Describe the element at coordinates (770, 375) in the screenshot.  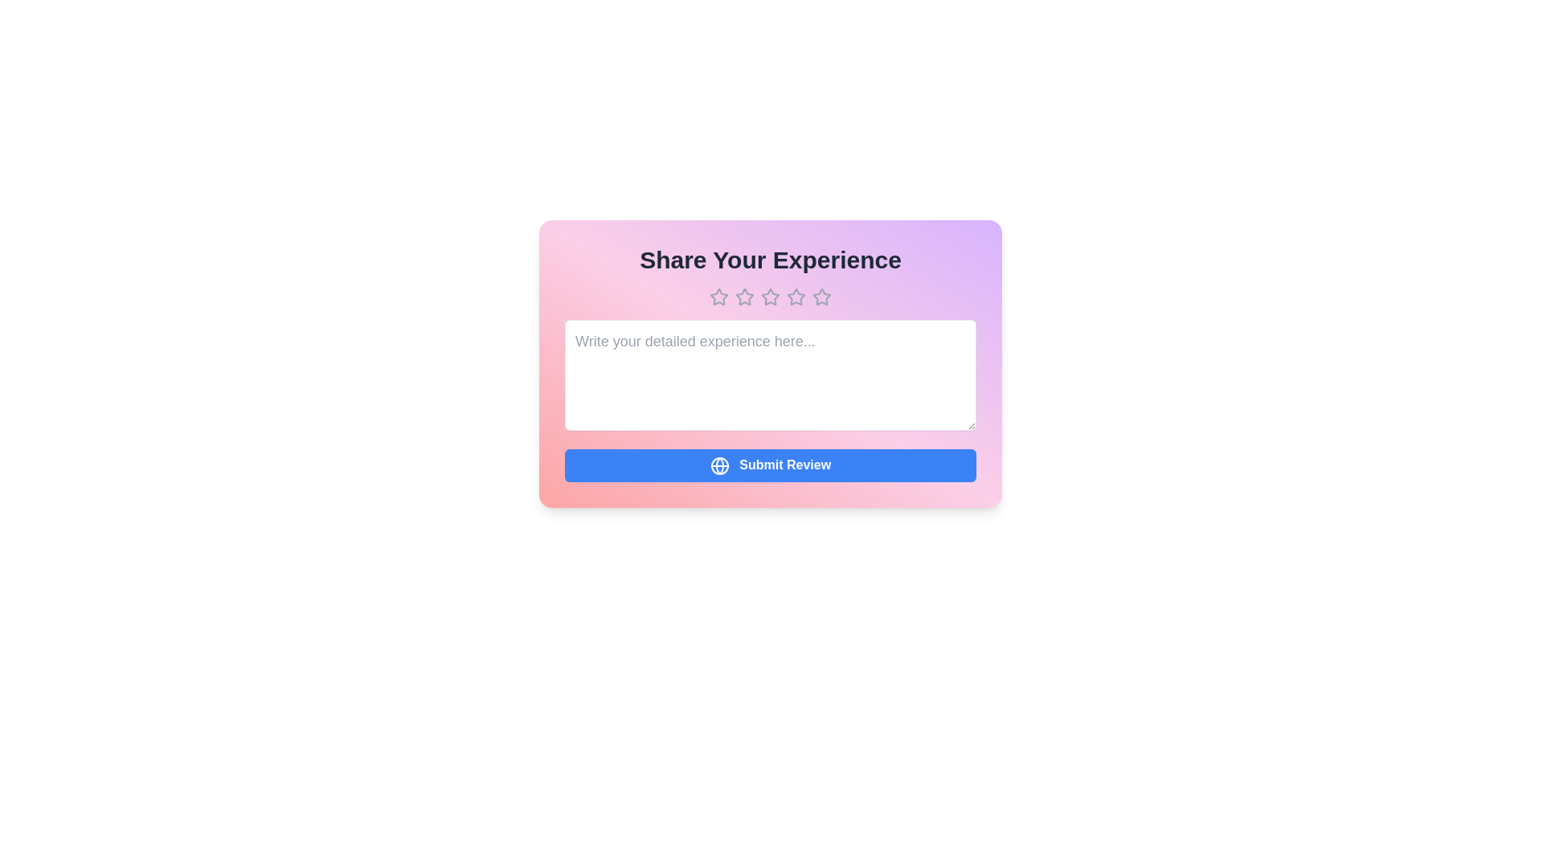
I see `the text area and type the text 'This is my review.'` at that location.